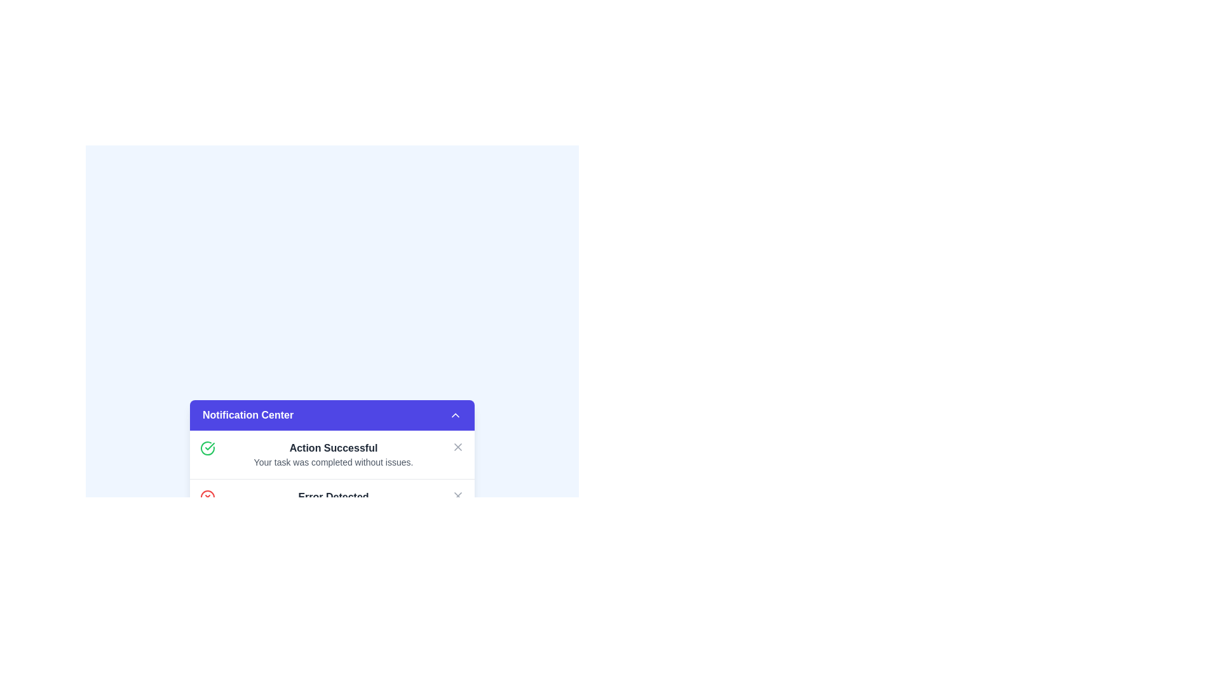 This screenshot has width=1220, height=686. Describe the element at coordinates (333, 447) in the screenshot. I see `text label that serves as a header within the notification, indicating successful completion of an action` at that location.